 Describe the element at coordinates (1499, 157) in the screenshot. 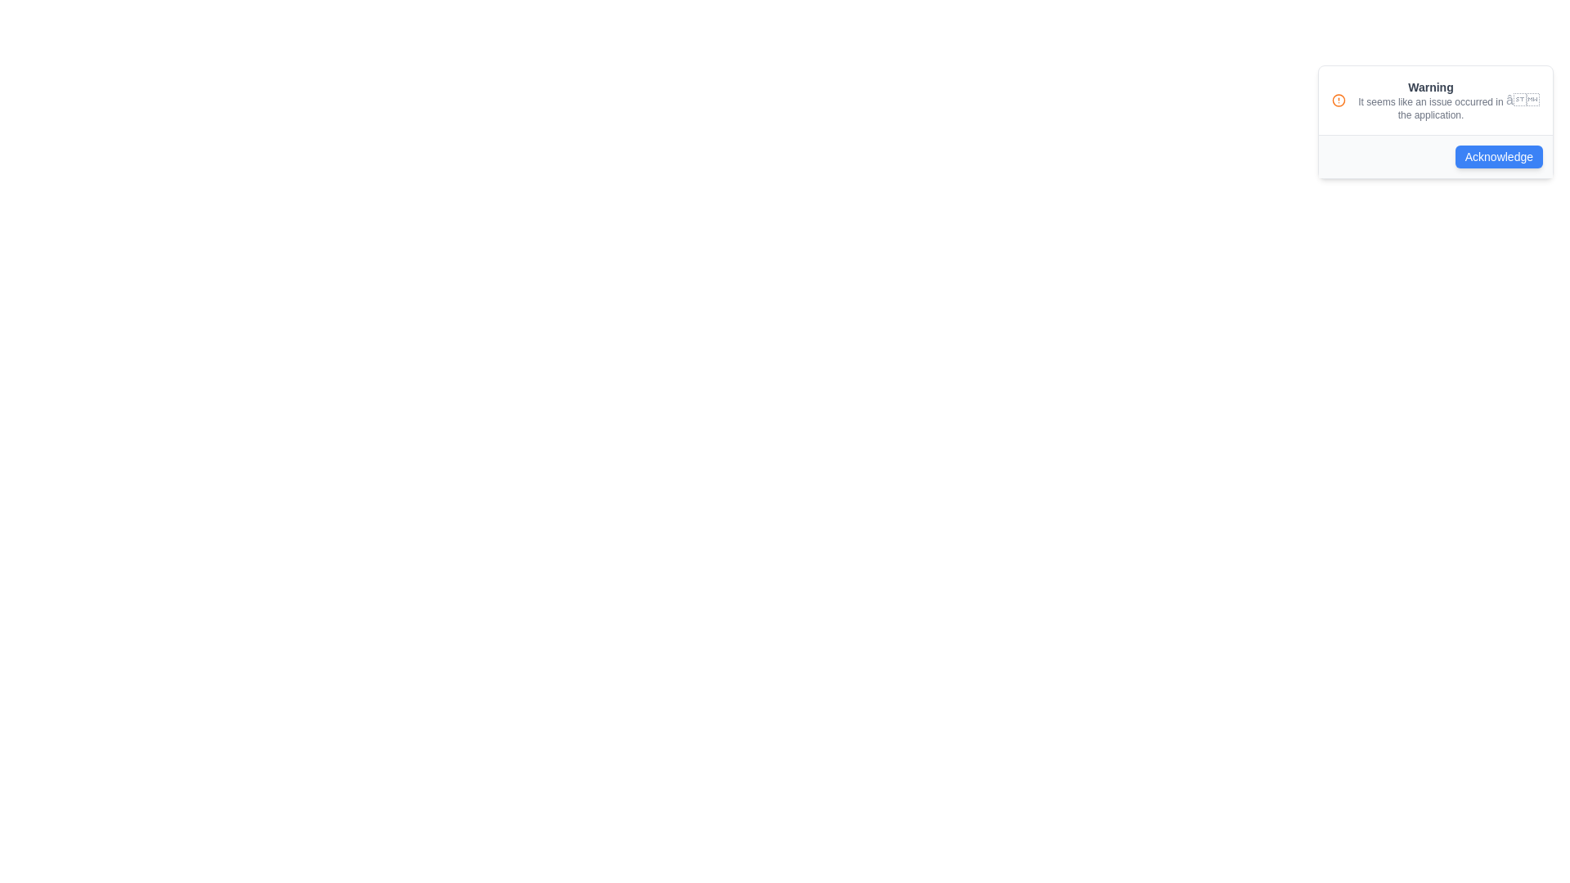

I see `the 'Acknowledge' button, which has a blue background, white text, rounded corners, and is located at the bottom-right corner of the application` at that location.